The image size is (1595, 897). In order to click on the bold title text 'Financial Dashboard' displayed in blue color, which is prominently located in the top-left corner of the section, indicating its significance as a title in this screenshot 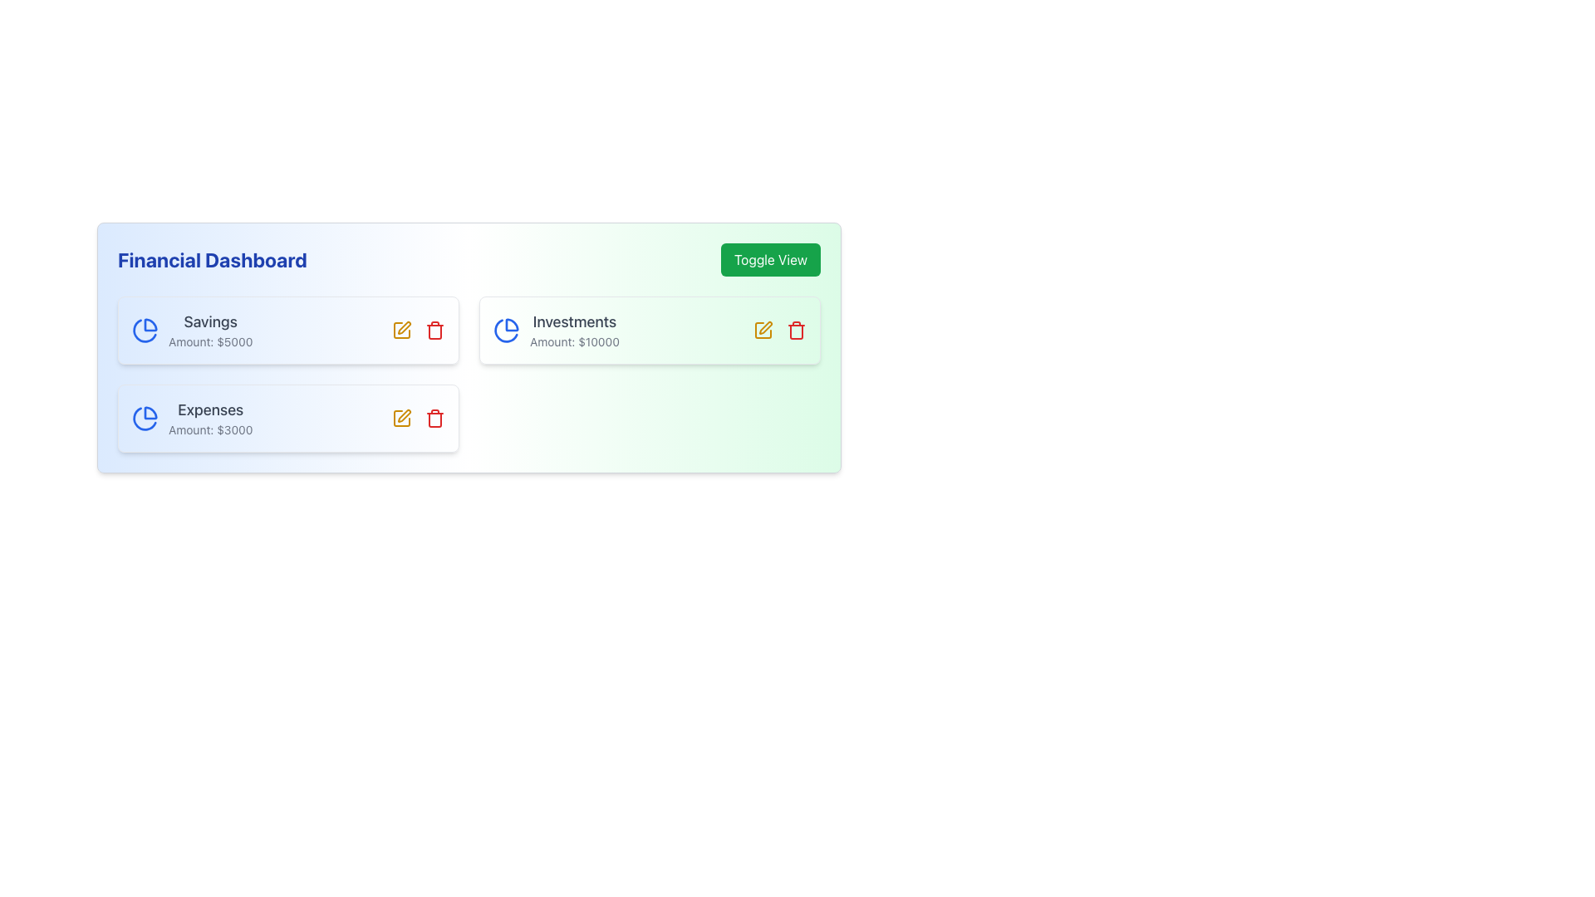, I will do `click(211, 259)`.